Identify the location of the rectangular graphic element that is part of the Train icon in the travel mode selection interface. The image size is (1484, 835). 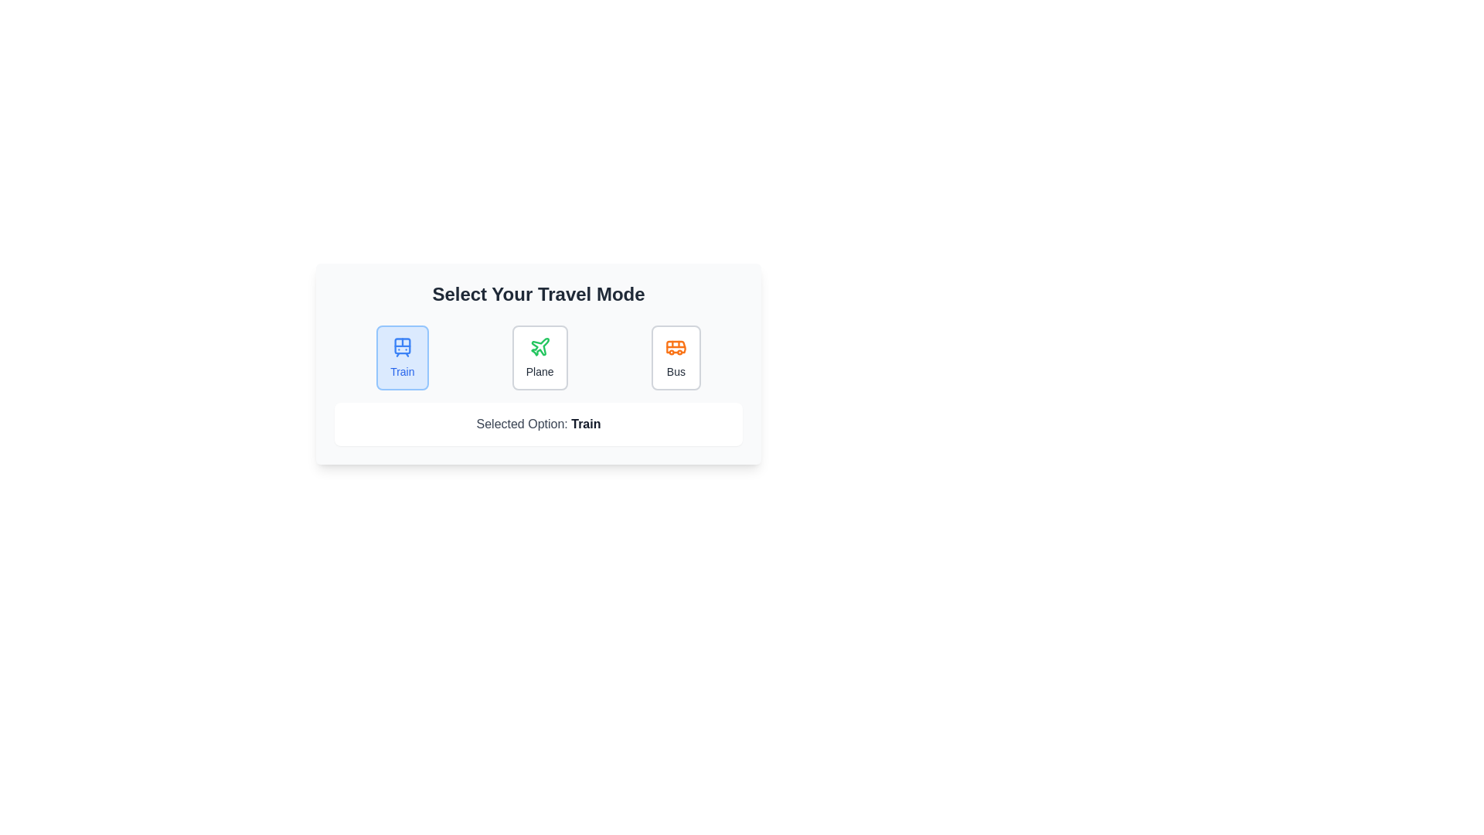
(402, 345).